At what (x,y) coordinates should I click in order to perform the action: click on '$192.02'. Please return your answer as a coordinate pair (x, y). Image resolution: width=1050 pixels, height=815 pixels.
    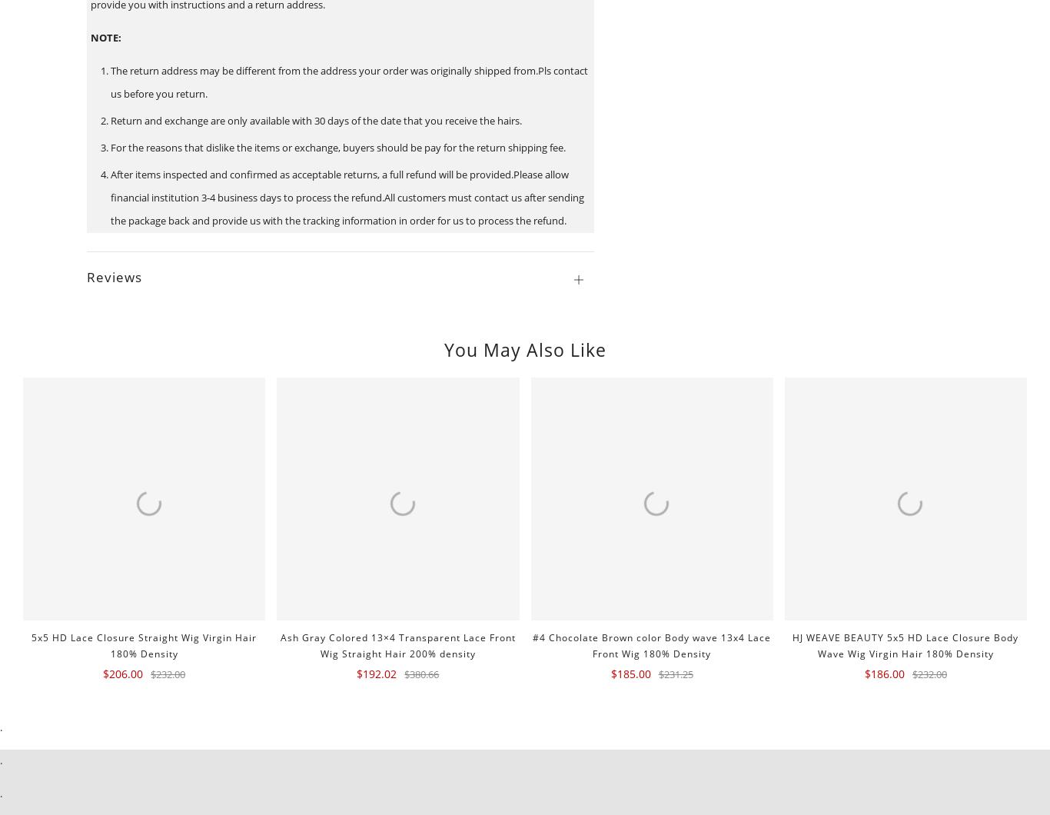
    Looking at the image, I should click on (376, 673).